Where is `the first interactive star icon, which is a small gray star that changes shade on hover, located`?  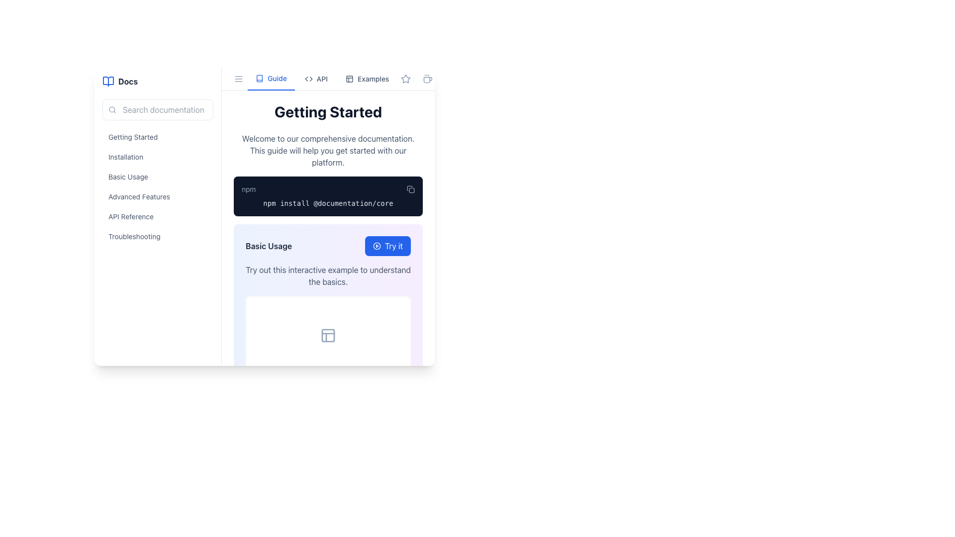
the first interactive star icon, which is a small gray star that changes shade on hover, located is located at coordinates (406, 78).